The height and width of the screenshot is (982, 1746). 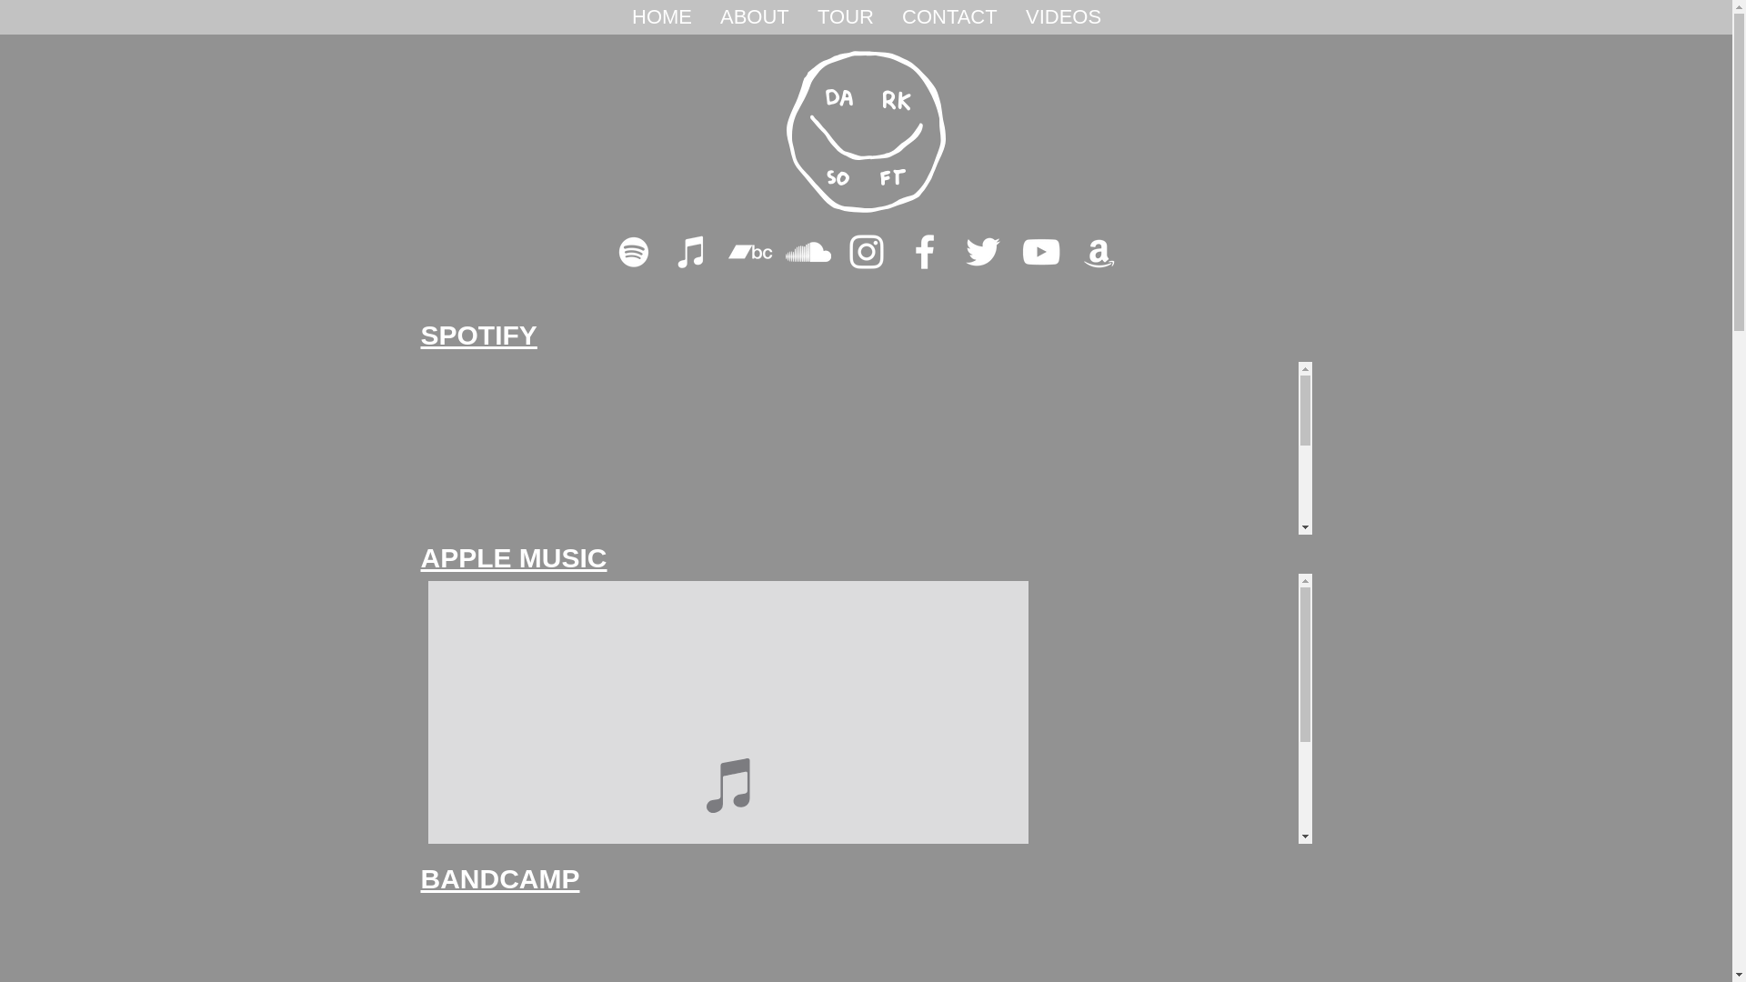 What do you see at coordinates (1063, 17) in the screenshot?
I see `'VIDEOS'` at bounding box center [1063, 17].